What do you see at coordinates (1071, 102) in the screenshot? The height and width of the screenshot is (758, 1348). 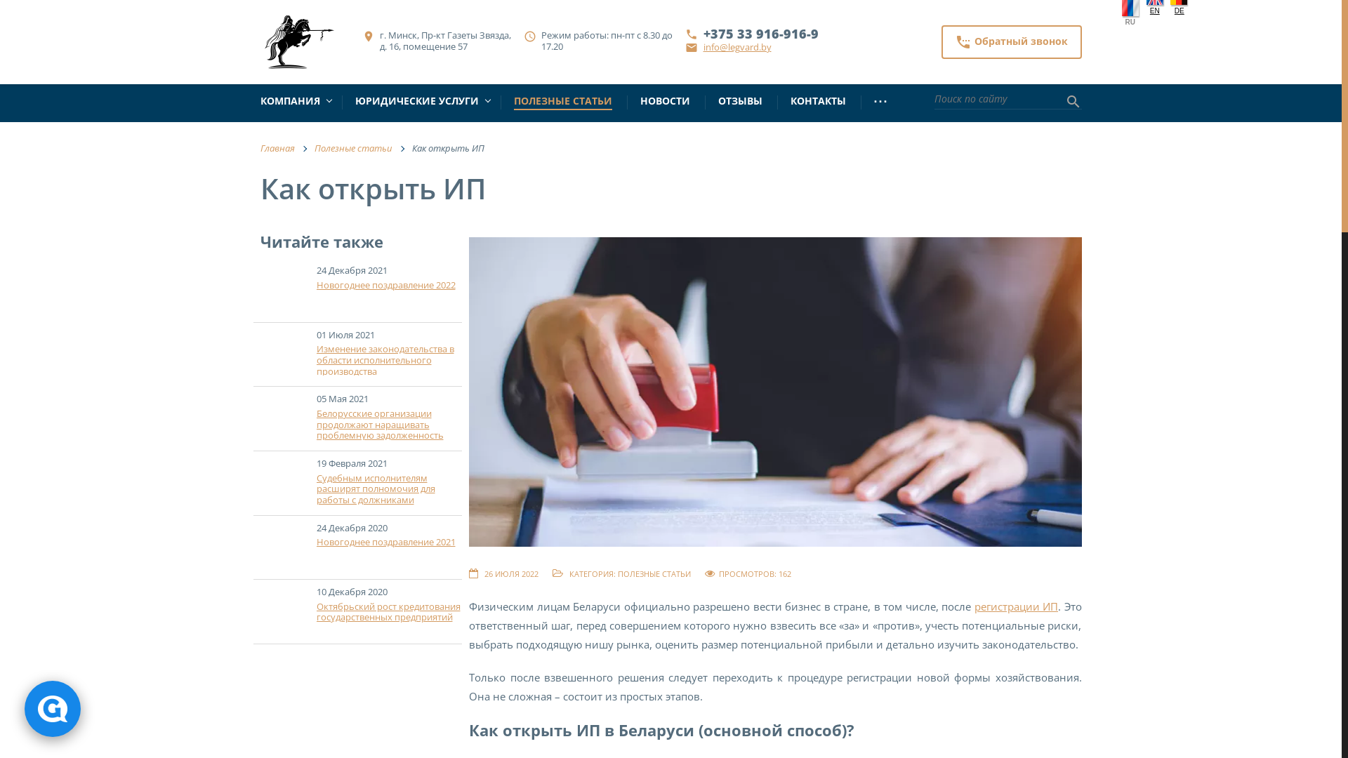 I see `'search'` at bounding box center [1071, 102].